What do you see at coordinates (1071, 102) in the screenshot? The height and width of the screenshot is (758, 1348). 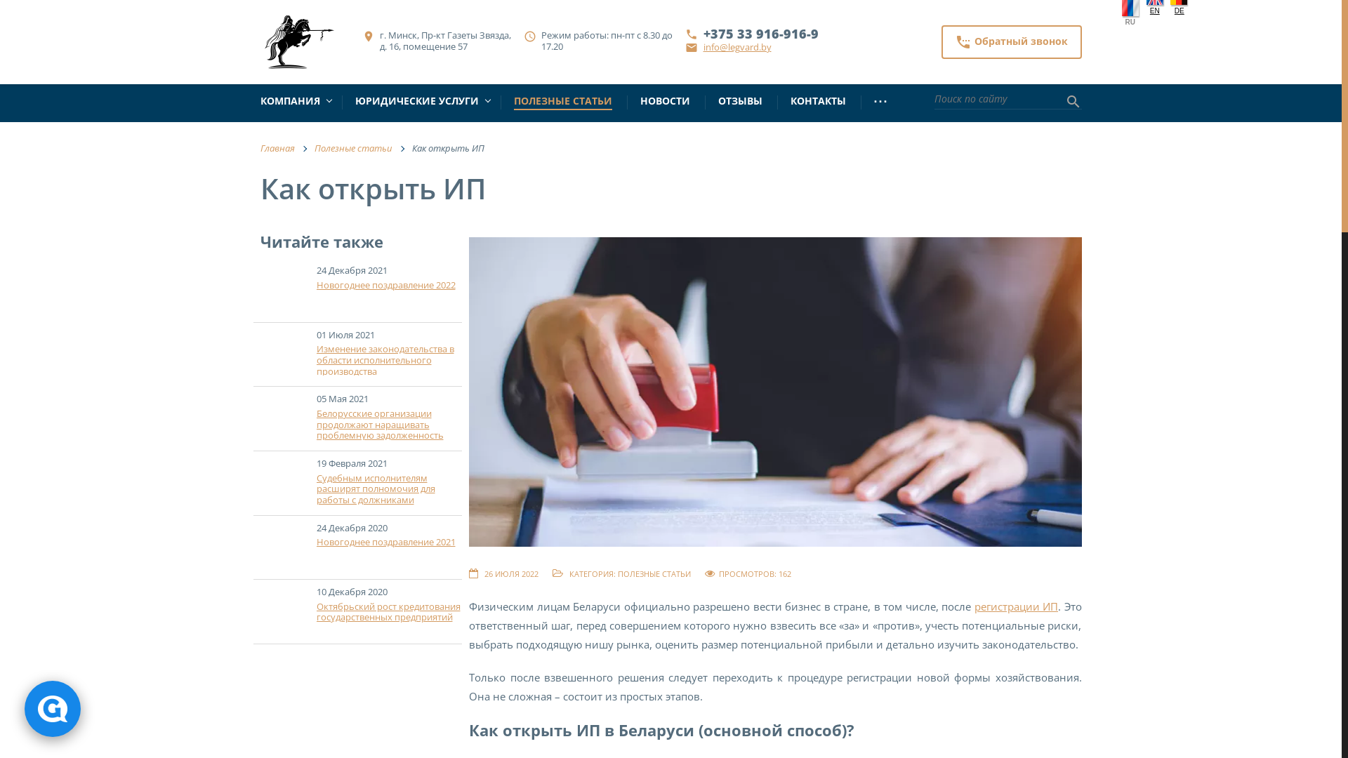 I see `'search'` at bounding box center [1071, 102].